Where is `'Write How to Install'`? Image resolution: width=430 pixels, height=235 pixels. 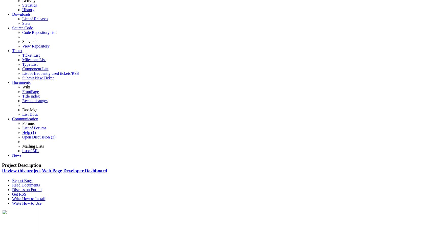 'Write How to Install' is located at coordinates (28, 198).